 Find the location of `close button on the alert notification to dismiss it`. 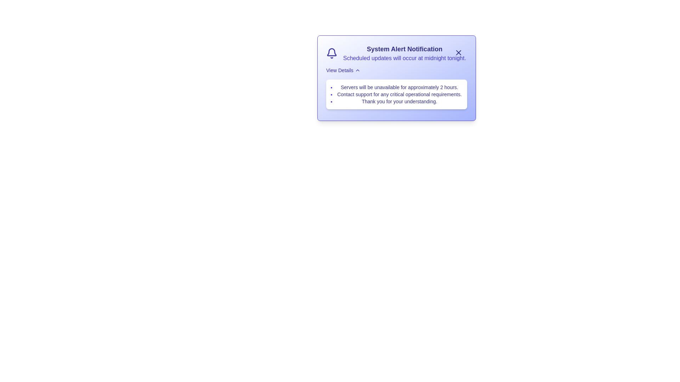

close button on the alert notification to dismiss it is located at coordinates (459, 52).